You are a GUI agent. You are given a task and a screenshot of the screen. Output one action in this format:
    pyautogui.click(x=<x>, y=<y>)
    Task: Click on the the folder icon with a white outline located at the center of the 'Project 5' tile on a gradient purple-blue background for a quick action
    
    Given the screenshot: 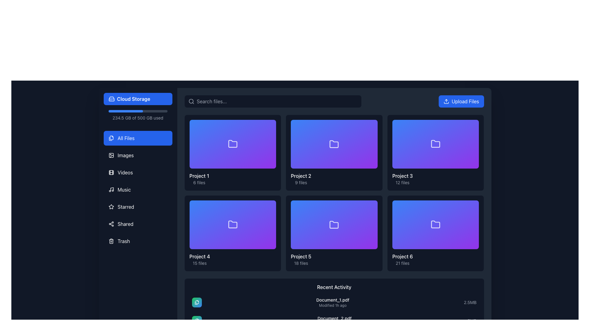 What is the action you would take?
    pyautogui.click(x=334, y=225)
    